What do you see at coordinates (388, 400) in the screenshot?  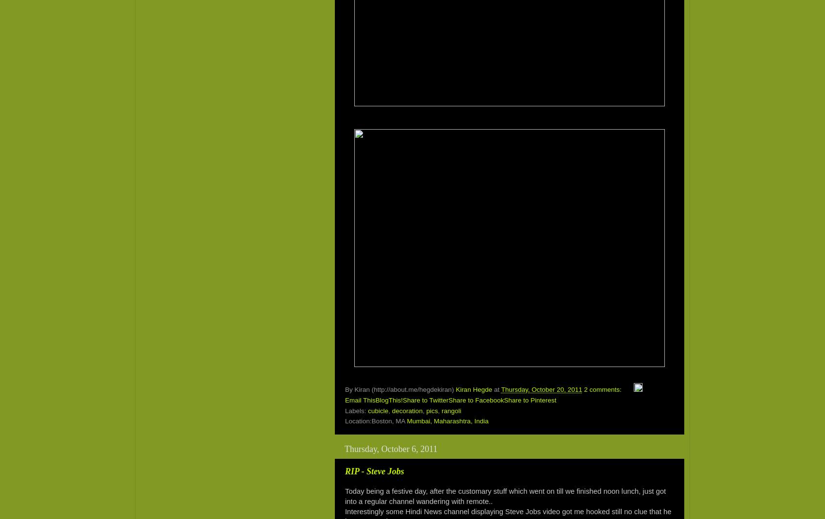 I see `'BlogThis!'` at bounding box center [388, 400].